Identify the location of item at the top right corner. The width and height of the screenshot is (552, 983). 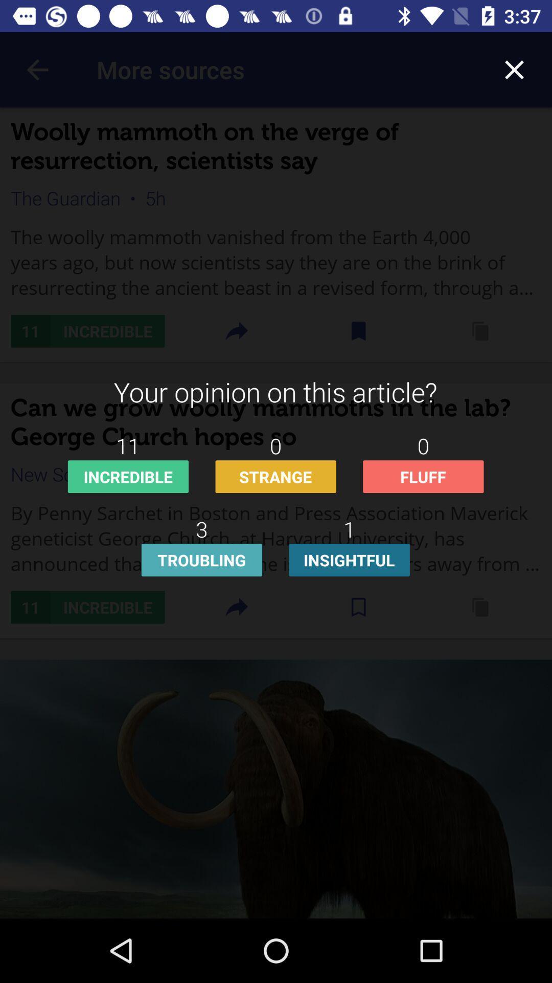
(514, 69).